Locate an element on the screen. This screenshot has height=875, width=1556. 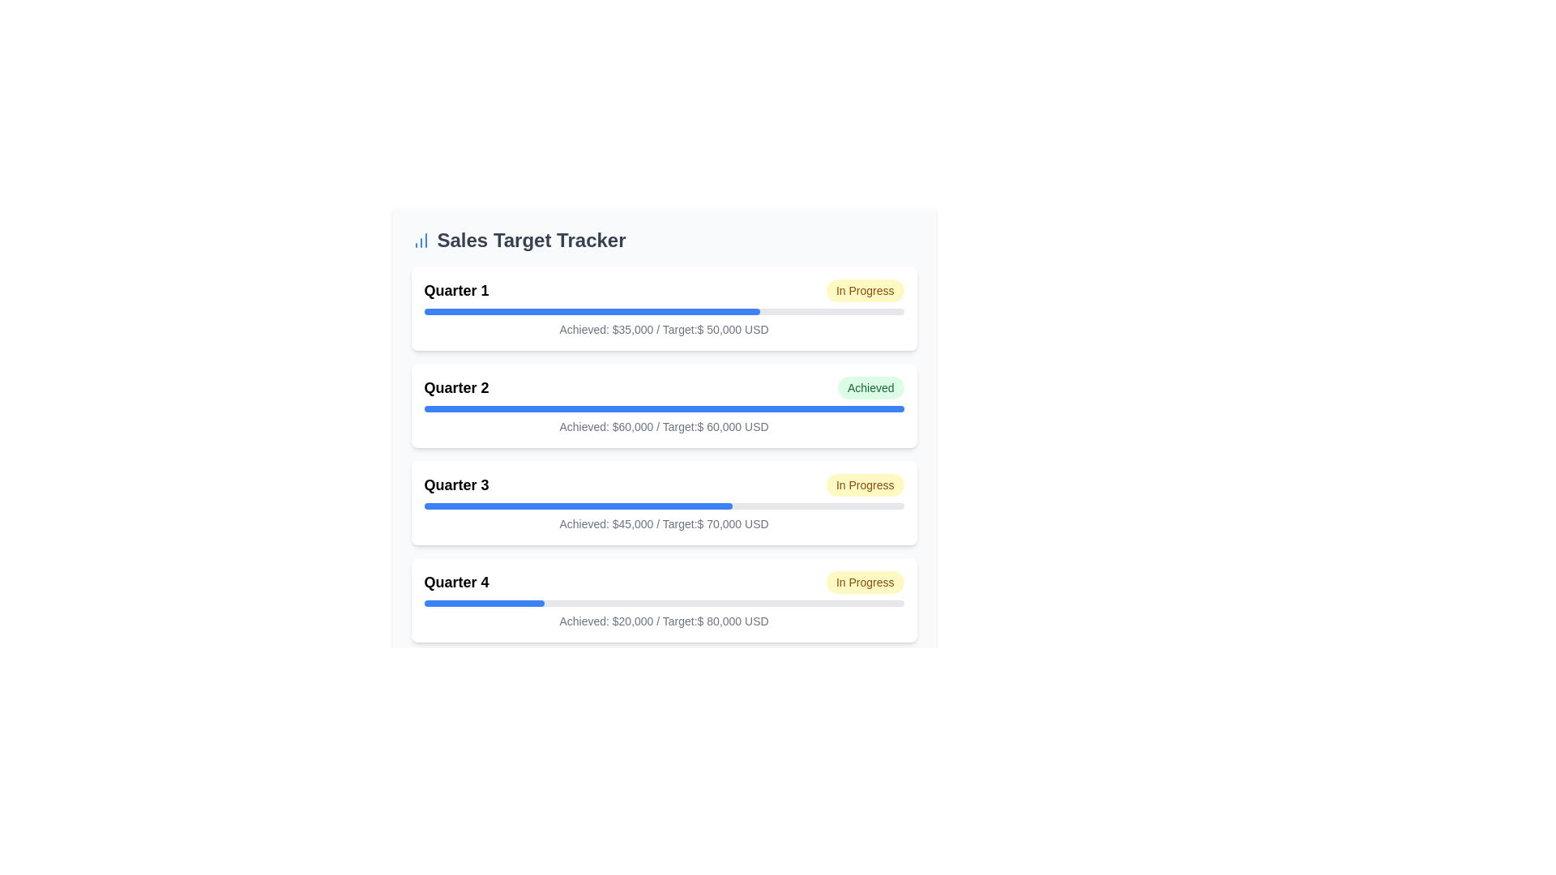
the text element displaying the progress of a target achievement, labeled 'Achieved: $45,000 / Target:$ 70,000 USD', located beneath the progress bar is located at coordinates (664, 524).